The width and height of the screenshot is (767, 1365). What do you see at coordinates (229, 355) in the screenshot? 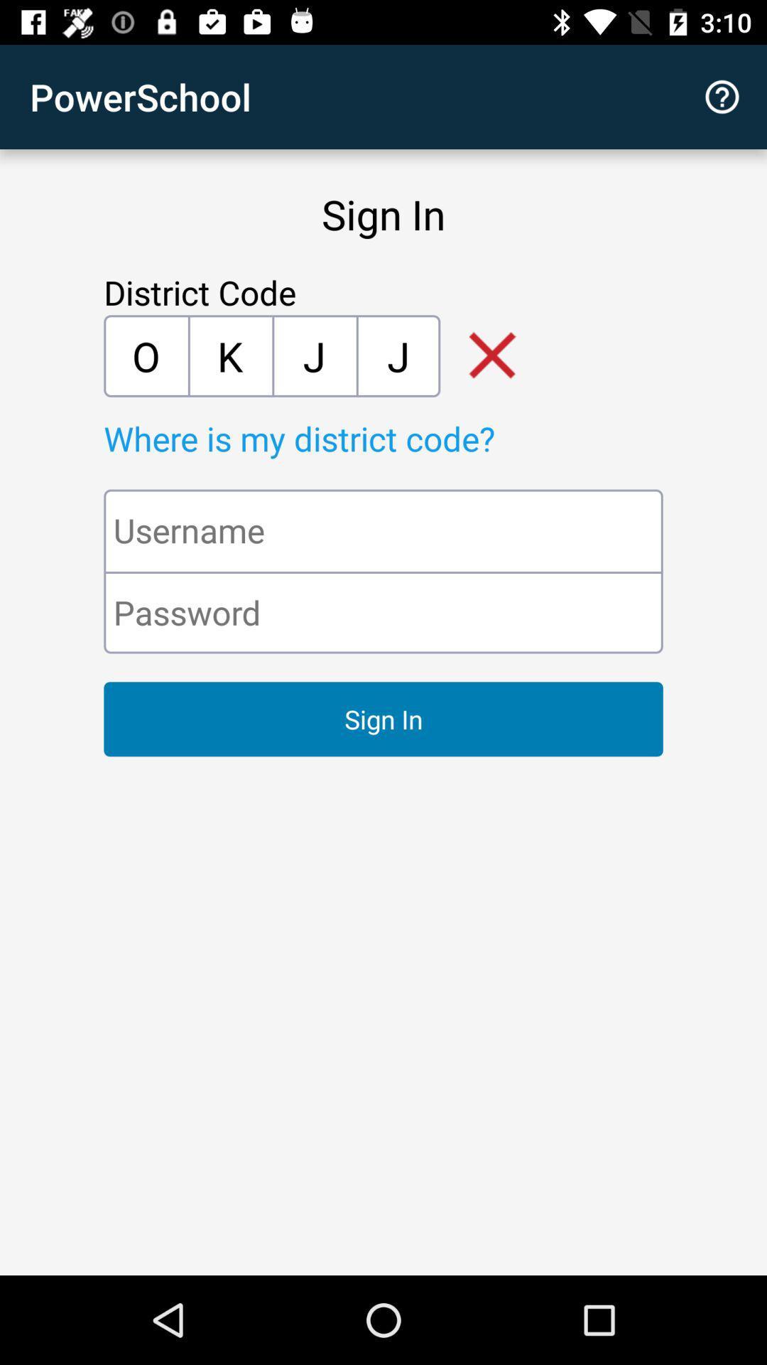
I see `the item to the left of the j item` at bounding box center [229, 355].